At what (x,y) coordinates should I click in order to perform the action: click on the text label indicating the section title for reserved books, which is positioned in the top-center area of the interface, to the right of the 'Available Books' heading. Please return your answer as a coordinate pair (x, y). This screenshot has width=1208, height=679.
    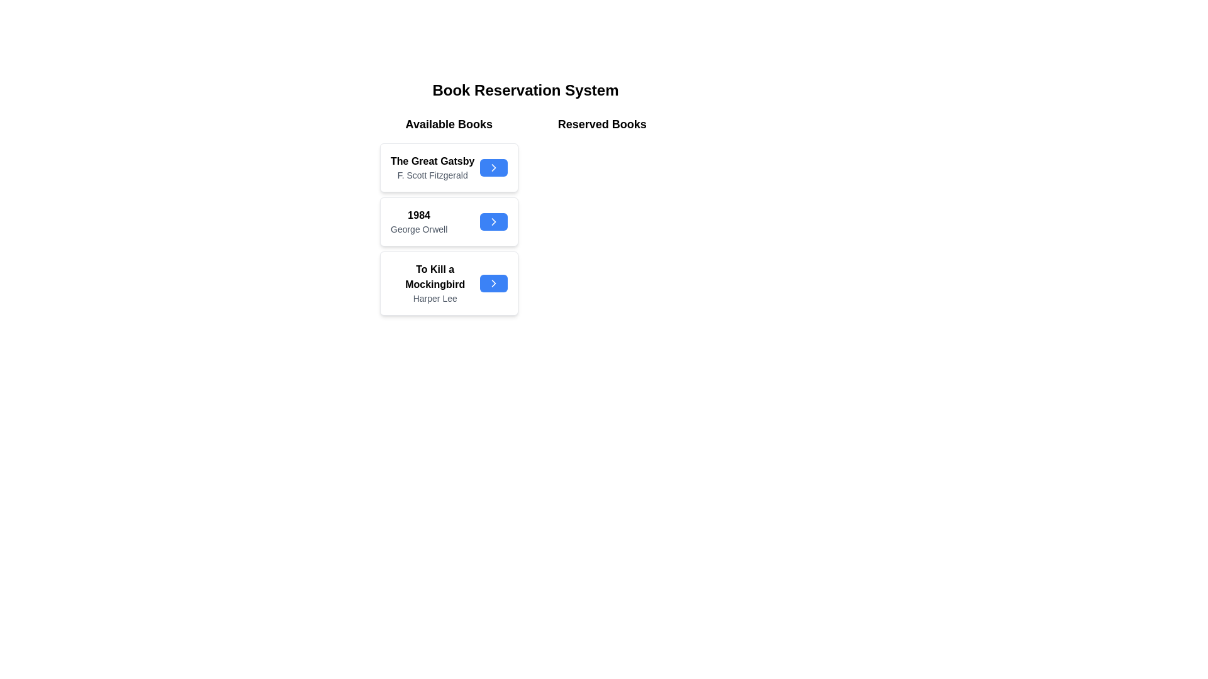
    Looking at the image, I should click on (601, 124).